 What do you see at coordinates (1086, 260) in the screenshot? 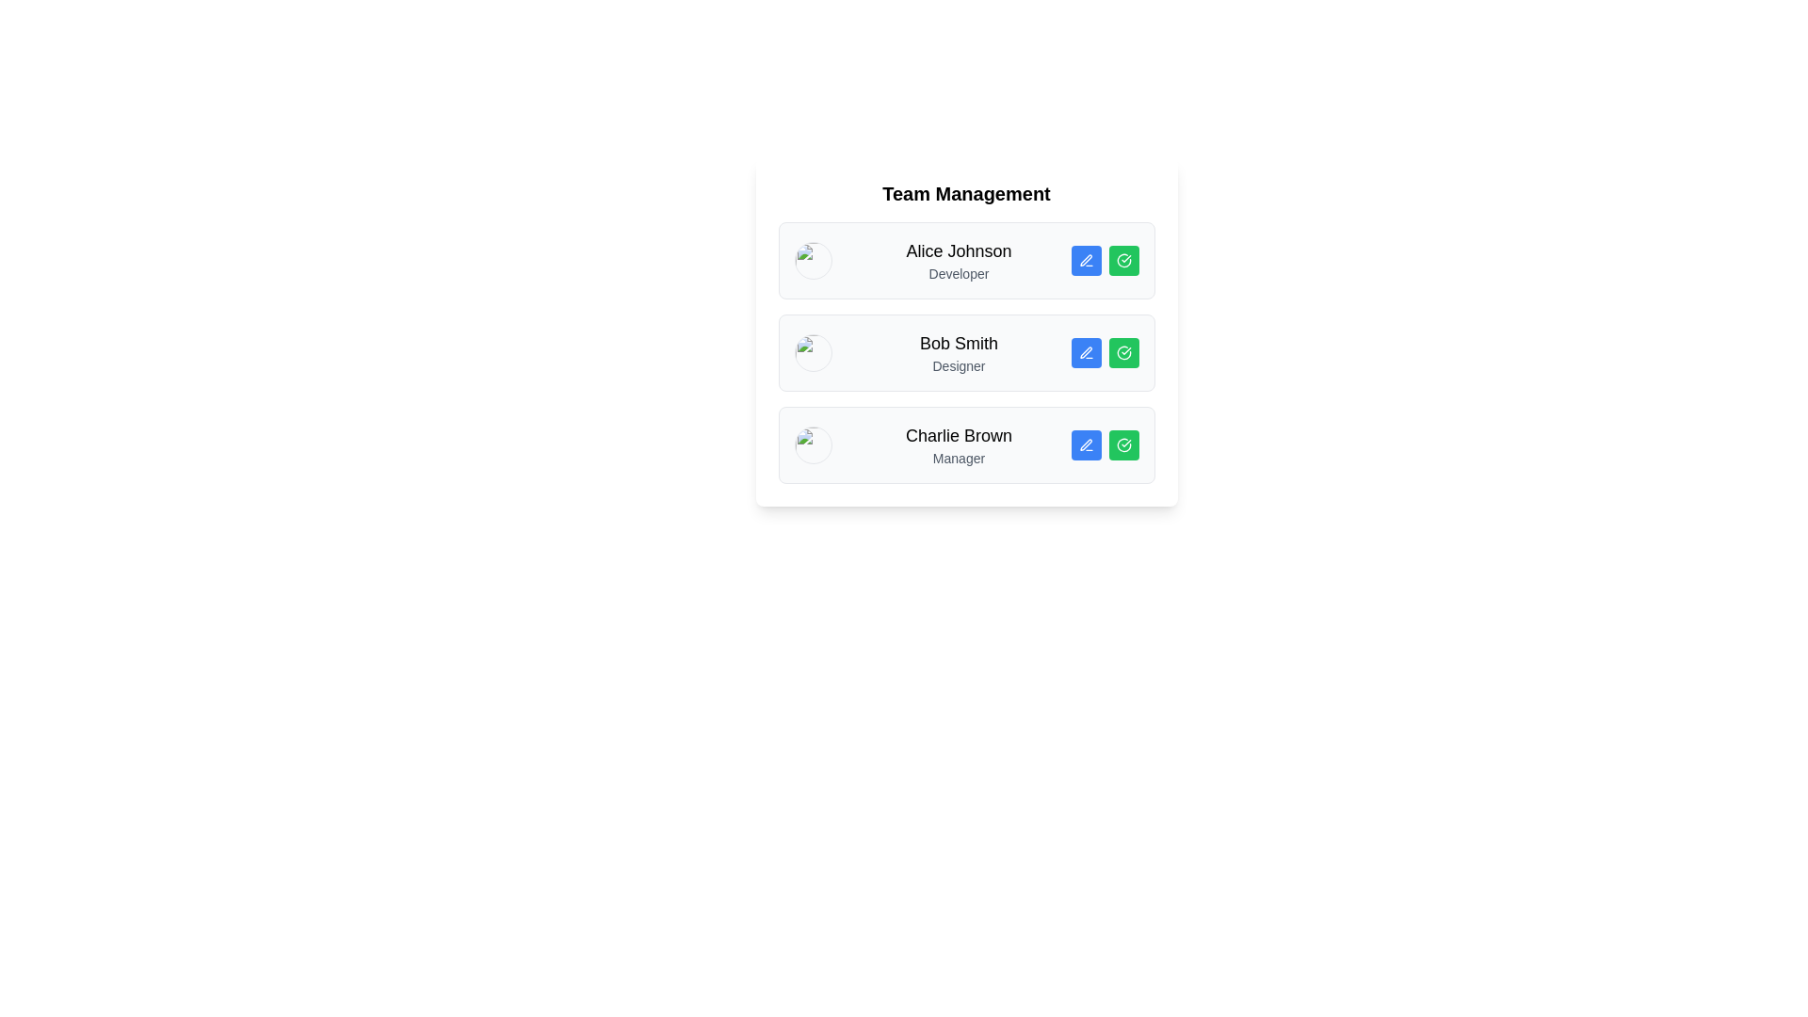
I see `the edit tool SVG icon located within the button adjacent to 'Alice Johnson - Developer'` at bounding box center [1086, 260].